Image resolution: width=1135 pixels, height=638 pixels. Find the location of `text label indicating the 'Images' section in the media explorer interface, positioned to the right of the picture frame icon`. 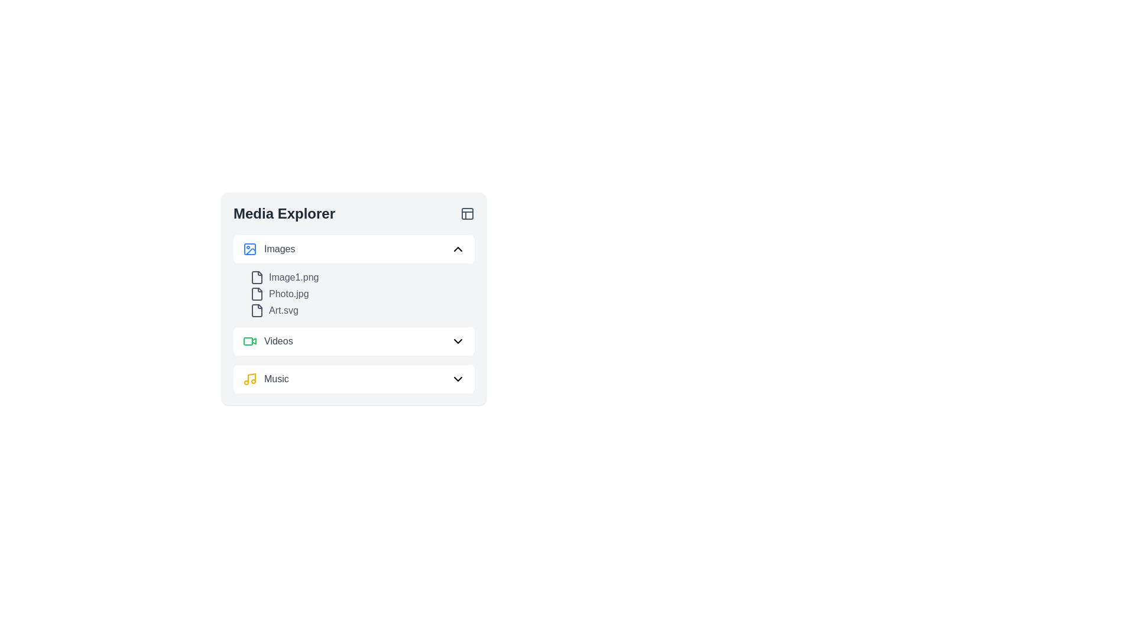

text label indicating the 'Images' section in the media explorer interface, positioned to the right of the picture frame icon is located at coordinates (279, 248).